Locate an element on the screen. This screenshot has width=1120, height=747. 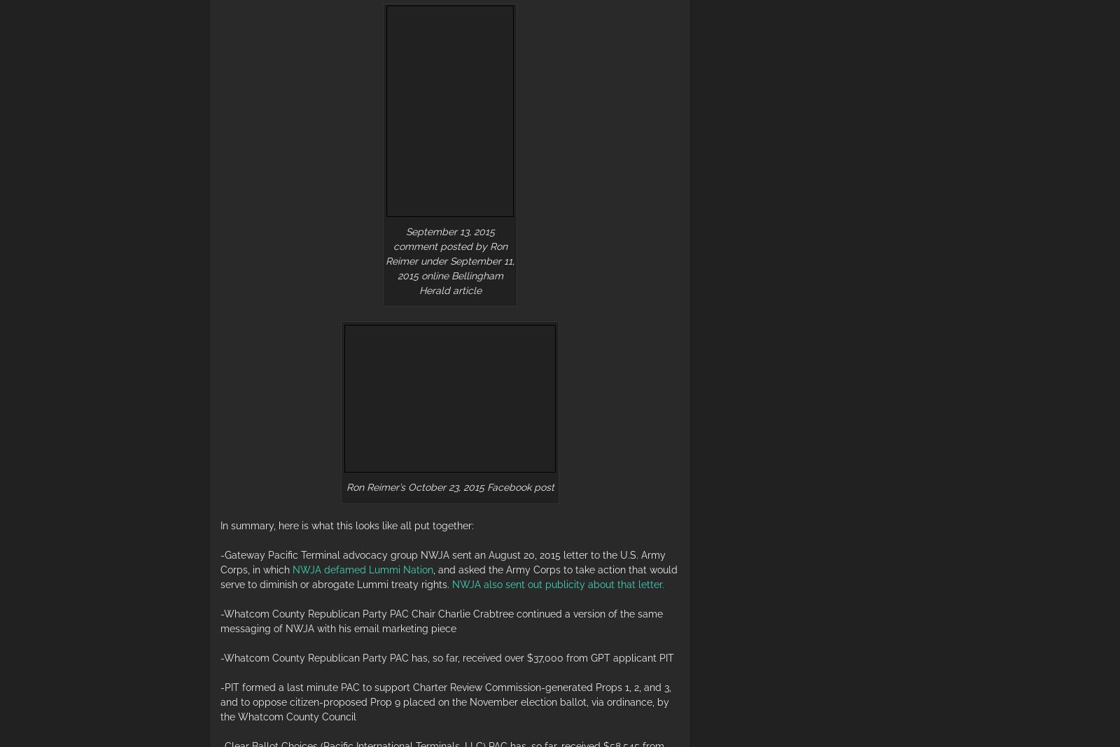
'-Gateway Pacific Terminal advocacy group NWJA sent an August 20, 2015 letter to the U.S. Army Corps, in which' is located at coordinates (442, 561).